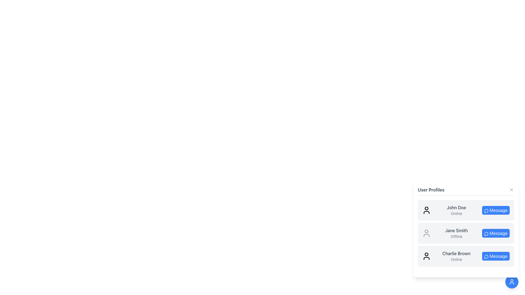 The width and height of the screenshot is (525, 295). I want to click on the close button icon located in the top-right corner of the 'User Profiles' section, so click(511, 189).